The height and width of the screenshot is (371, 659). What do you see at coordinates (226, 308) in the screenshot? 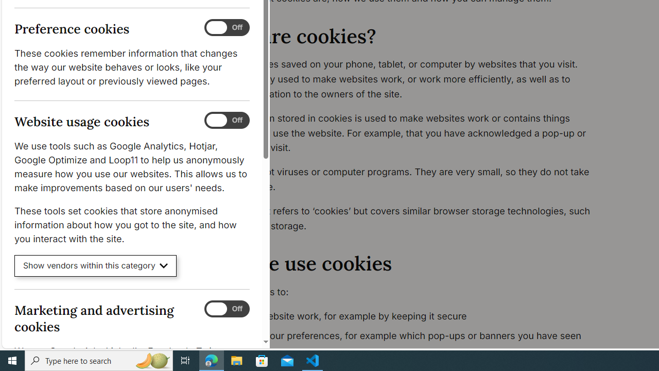
I see `'Marketing and advertising cookies'` at bounding box center [226, 308].